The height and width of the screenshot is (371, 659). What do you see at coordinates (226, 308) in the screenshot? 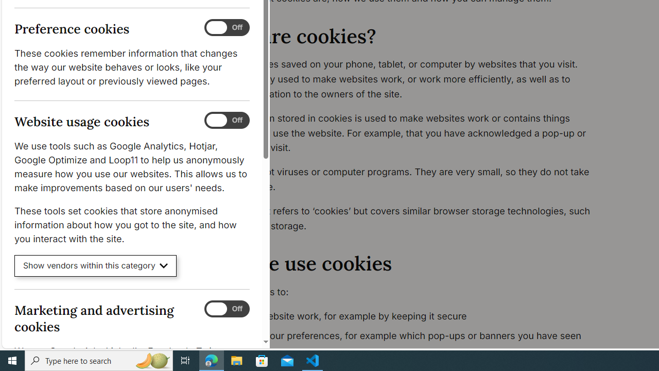
I see `'Marketing and advertising cookies'` at bounding box center [226, 308].